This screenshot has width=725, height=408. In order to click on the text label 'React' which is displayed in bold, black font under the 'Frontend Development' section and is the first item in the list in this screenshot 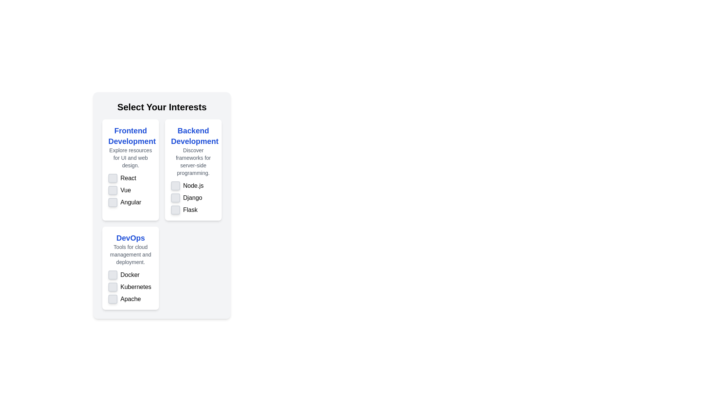, I will do `click(128, 178)`.